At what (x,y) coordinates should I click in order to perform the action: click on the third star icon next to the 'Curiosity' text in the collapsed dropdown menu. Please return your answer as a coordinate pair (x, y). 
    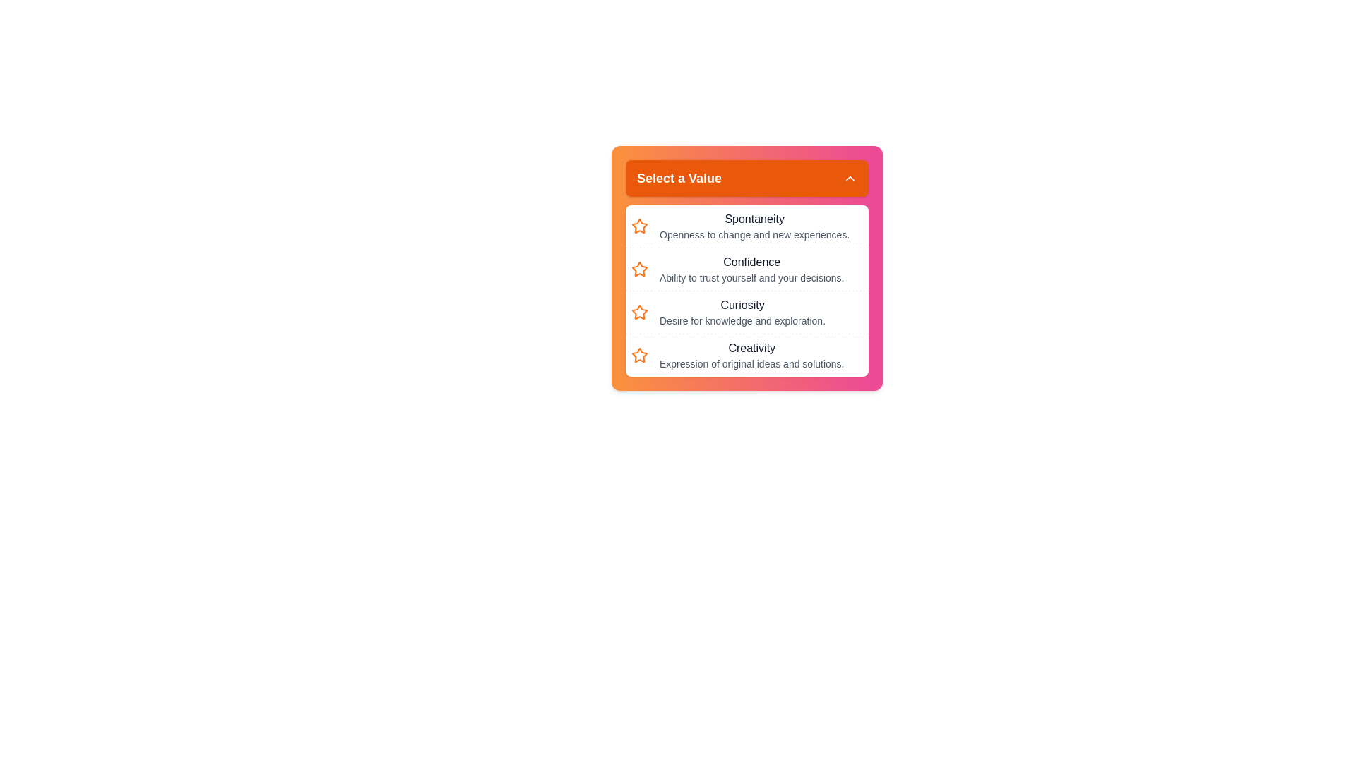
    Looking at the image, I should click on (638, 311).